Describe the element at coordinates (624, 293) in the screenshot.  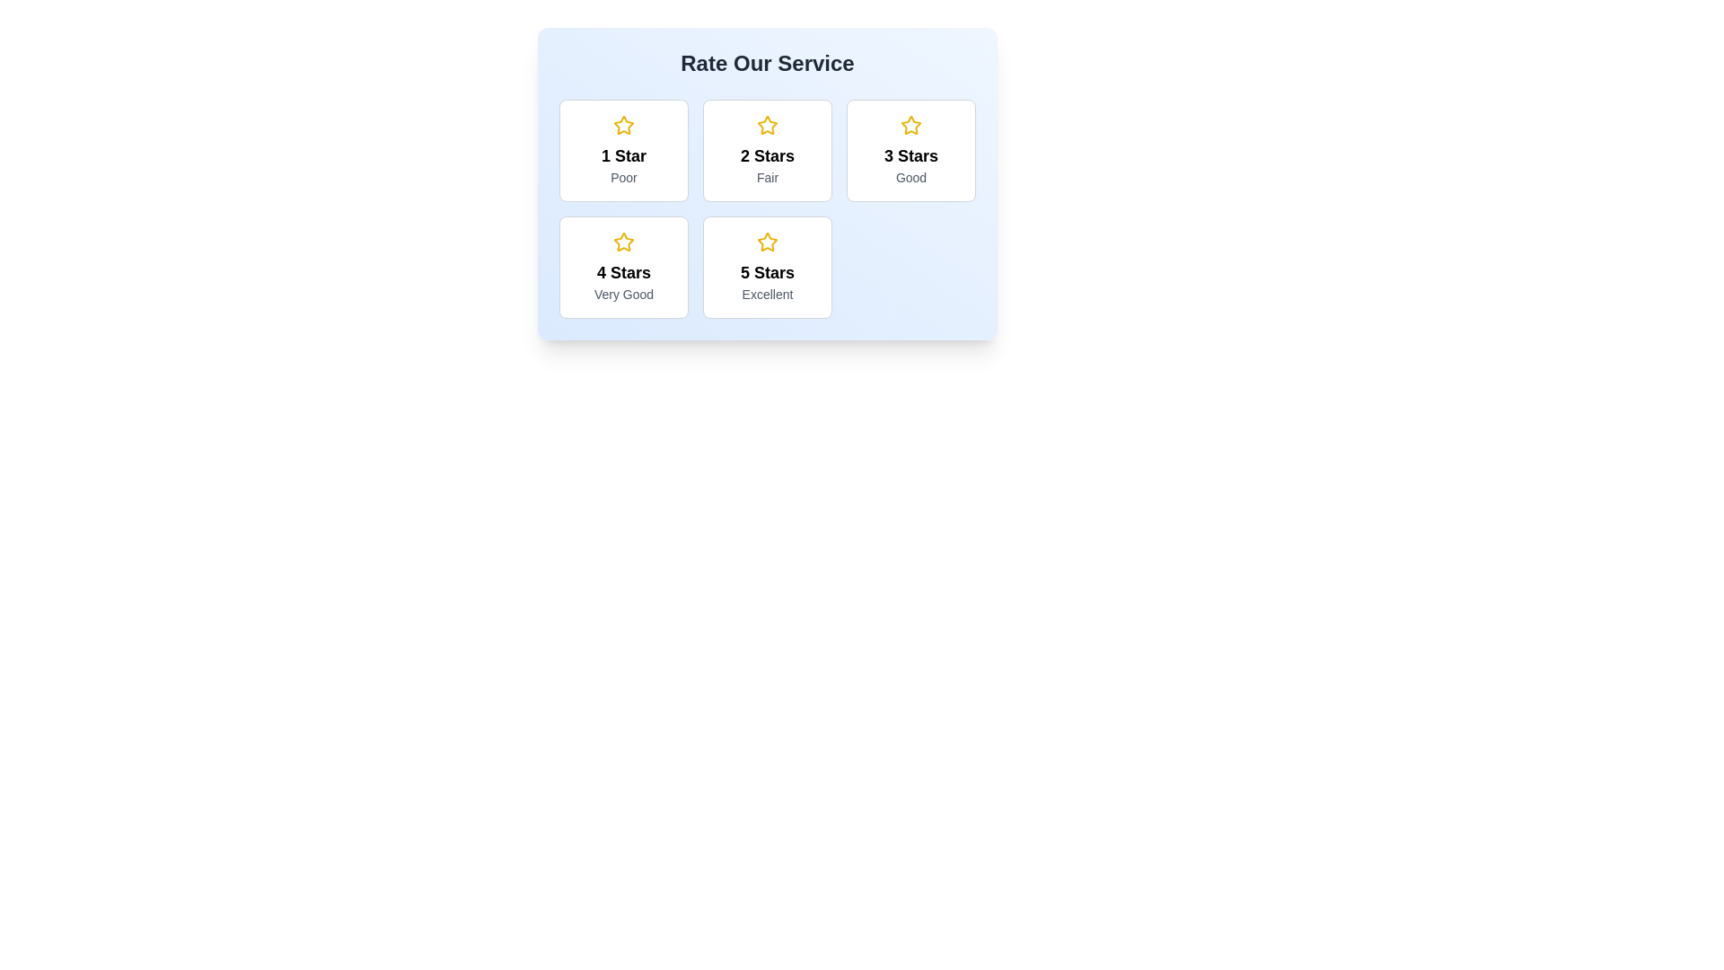
I see `the 'Very Good' text label located directly below the '4 Stars' text` at that location.